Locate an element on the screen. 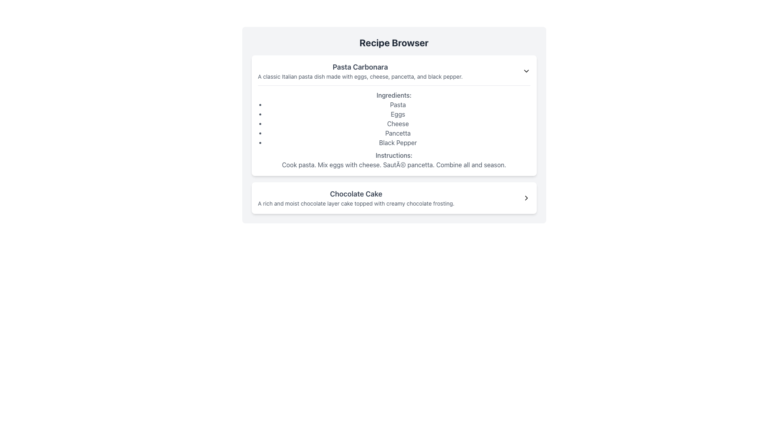 This screenshot has height=427, width=760. descriptive text about the 'Chocolate Cake' recipe located beneath the title in the 'Recipe Browser' interface, which is written in small, light gray typography is located at coordinates (355, 203).